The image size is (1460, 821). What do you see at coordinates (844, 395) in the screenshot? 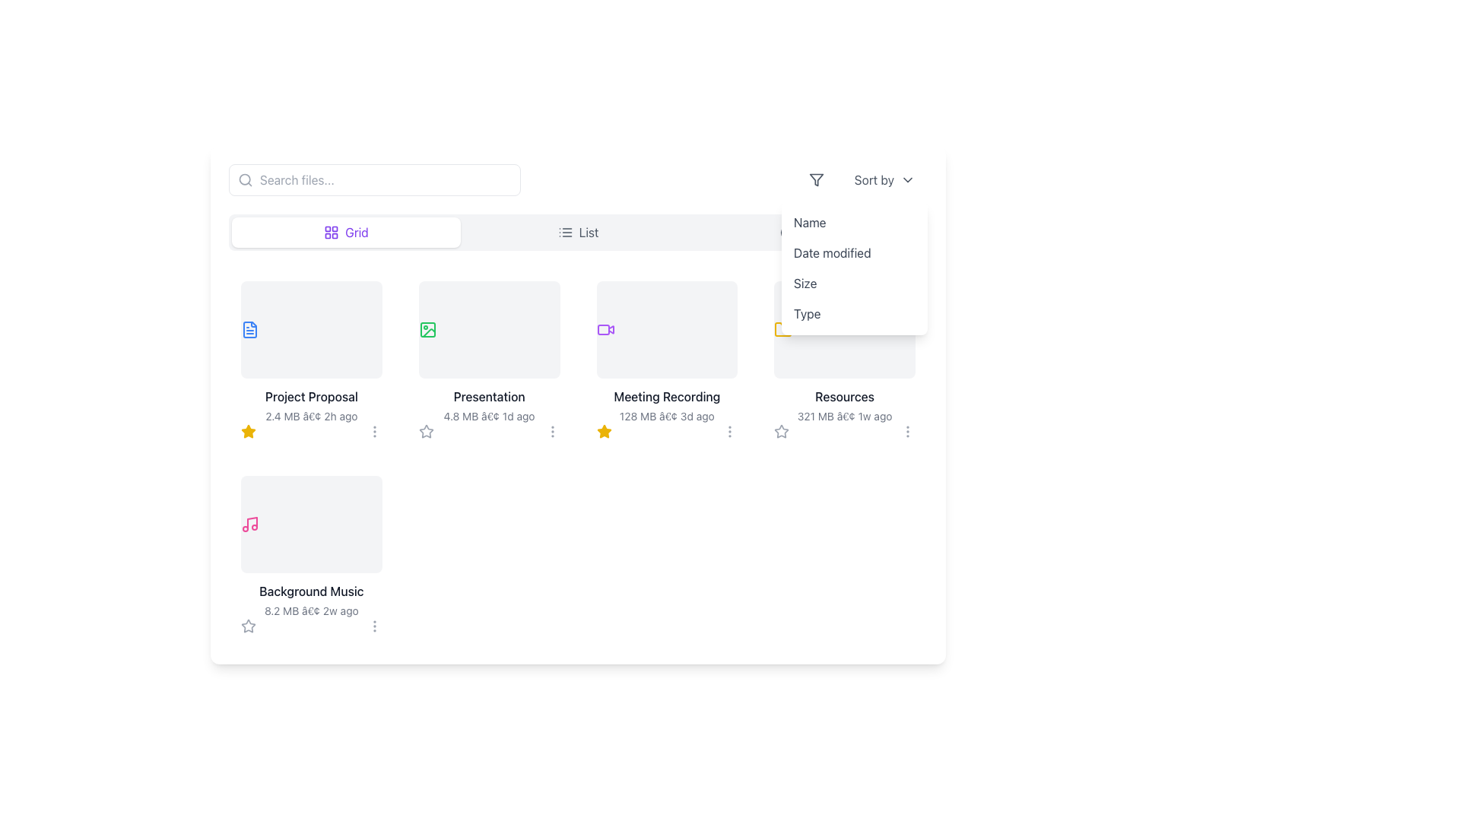
I see `the text label 'Resources', which is styled in bold, medium font weight and dark gray color, located above the metadata in the bottom row of the grid layout` at bounding box center [844, 395].